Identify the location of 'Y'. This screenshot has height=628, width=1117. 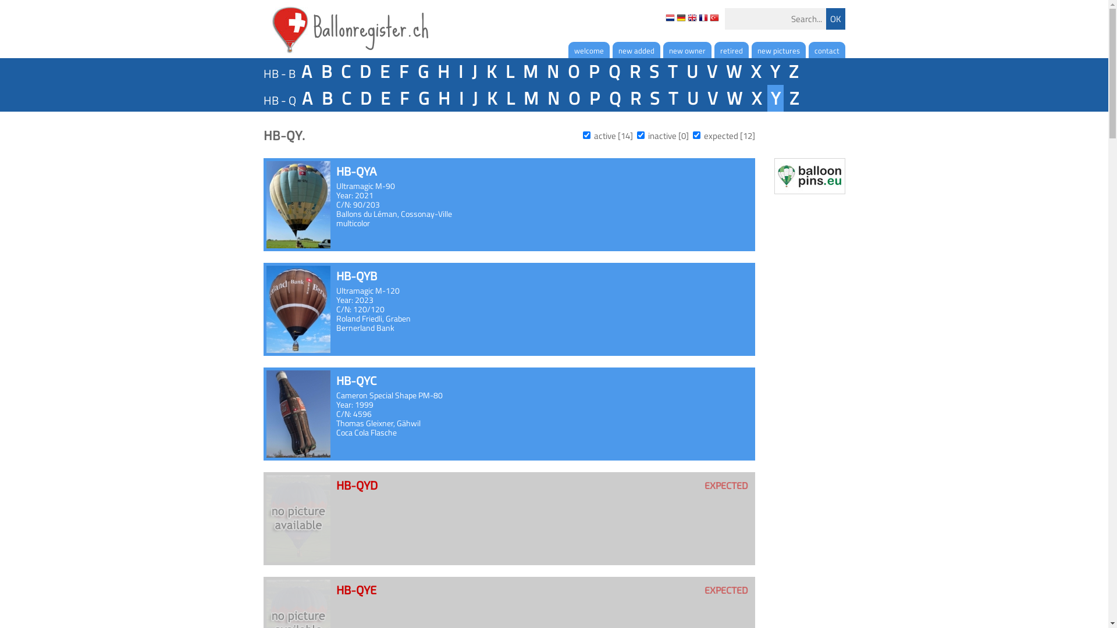
(767, 98).